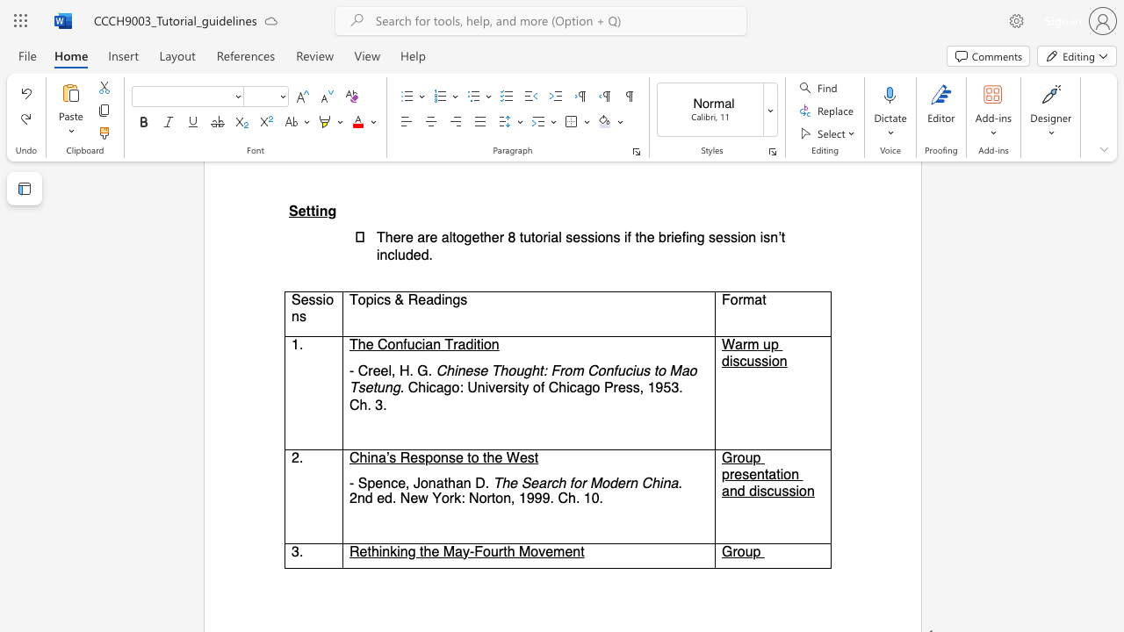 This screenshot has height=632, width=1124. What do you see at coordinates (440, 387) in the screenshot?
I see `the 1th character "a" in the text` at bounding box center [440, 387].